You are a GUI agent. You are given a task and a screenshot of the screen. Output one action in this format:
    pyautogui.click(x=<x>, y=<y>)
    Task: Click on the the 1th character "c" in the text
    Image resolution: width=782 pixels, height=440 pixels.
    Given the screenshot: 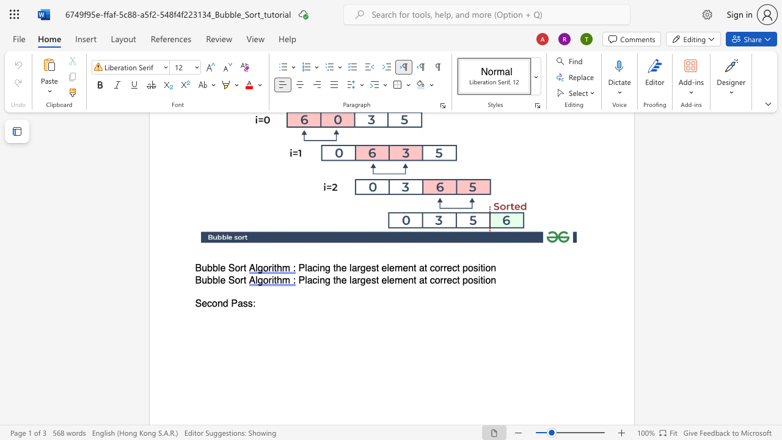 What is the action you would take?
    pyautogui.click(x=315, y=280)
    